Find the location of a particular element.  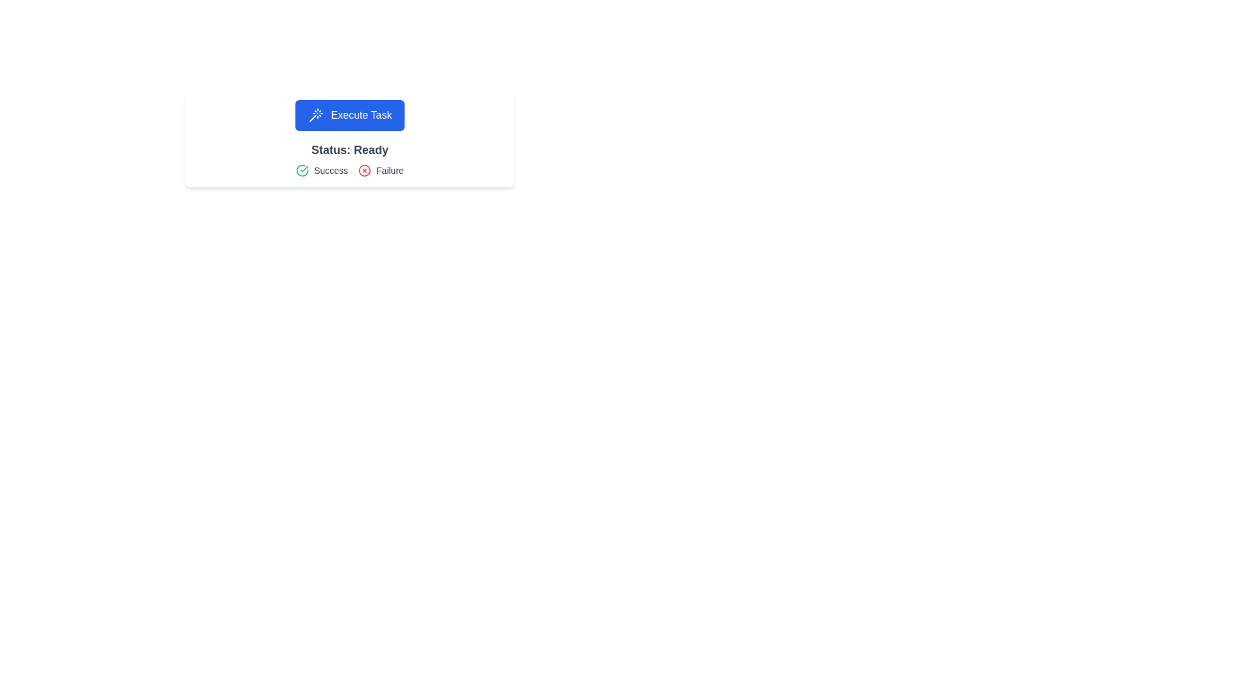

the 'Execute Task' text label located on the blue button at the top-center of the interface is located at coordinates (360, 116).